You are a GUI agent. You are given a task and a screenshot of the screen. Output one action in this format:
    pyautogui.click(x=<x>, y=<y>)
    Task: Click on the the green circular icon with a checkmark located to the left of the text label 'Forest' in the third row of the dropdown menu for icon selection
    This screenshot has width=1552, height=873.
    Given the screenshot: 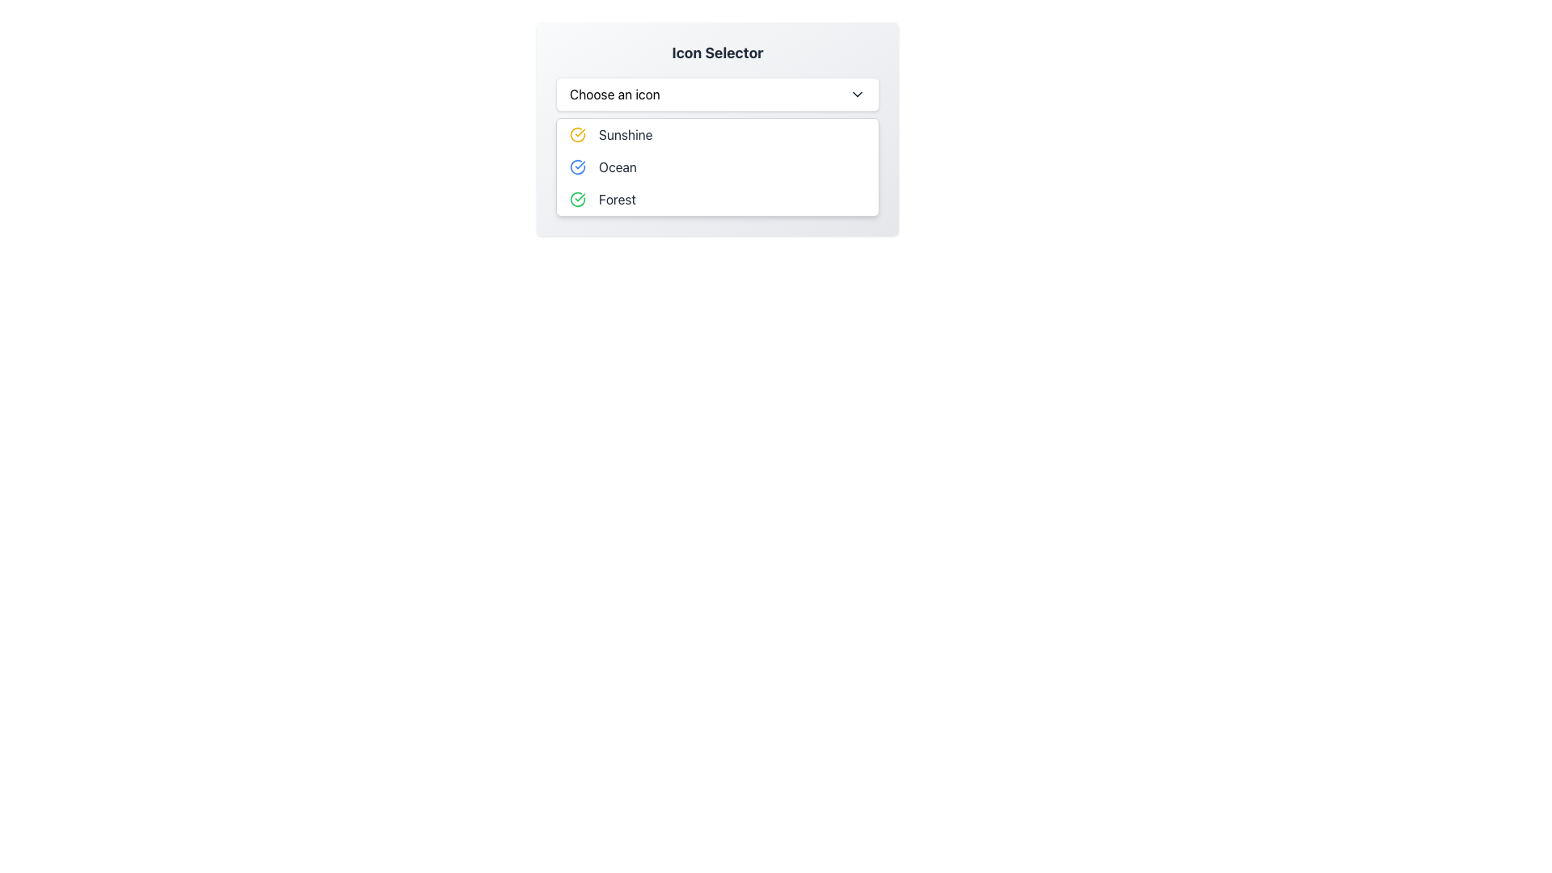 What is the action you would take?
    pyautogui.click(x=578, y=198)
    